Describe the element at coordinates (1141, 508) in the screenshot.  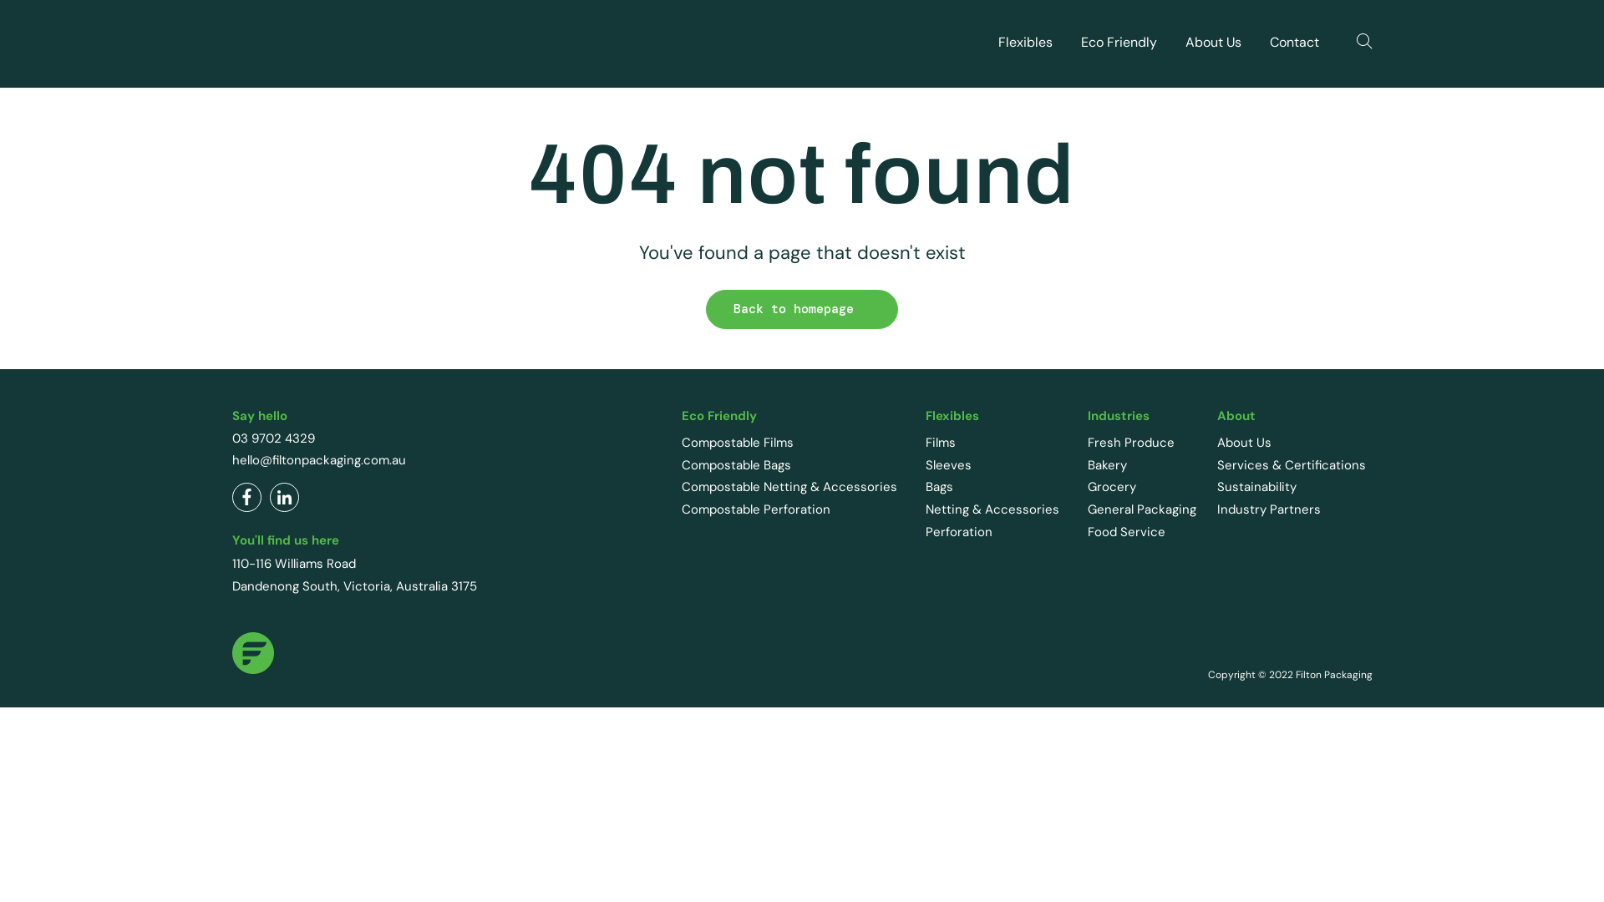
I see `'General Packaging'` at that location.